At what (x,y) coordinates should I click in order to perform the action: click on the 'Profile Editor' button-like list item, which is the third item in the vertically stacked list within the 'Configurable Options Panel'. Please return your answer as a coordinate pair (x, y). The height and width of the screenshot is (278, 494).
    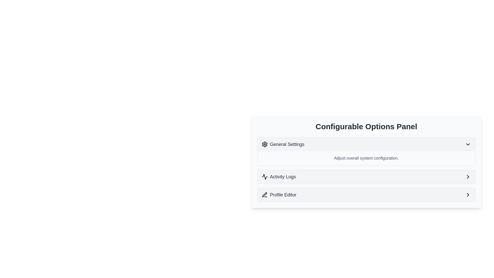
    Looking at the image, I should click on (366, 195).